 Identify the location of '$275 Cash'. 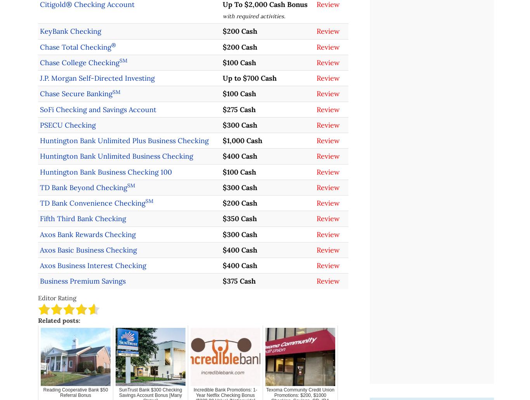
(238, 109).